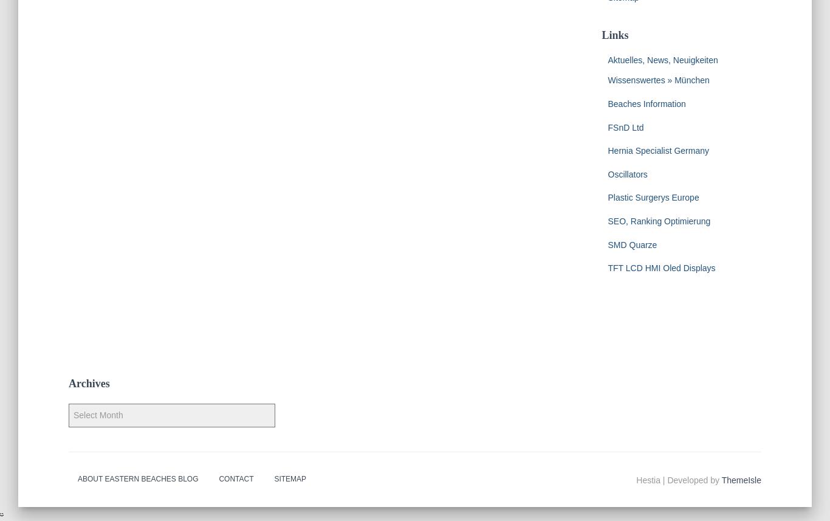  I want to click on 'SEO, Ranking Optimierung', so click(658, 220).